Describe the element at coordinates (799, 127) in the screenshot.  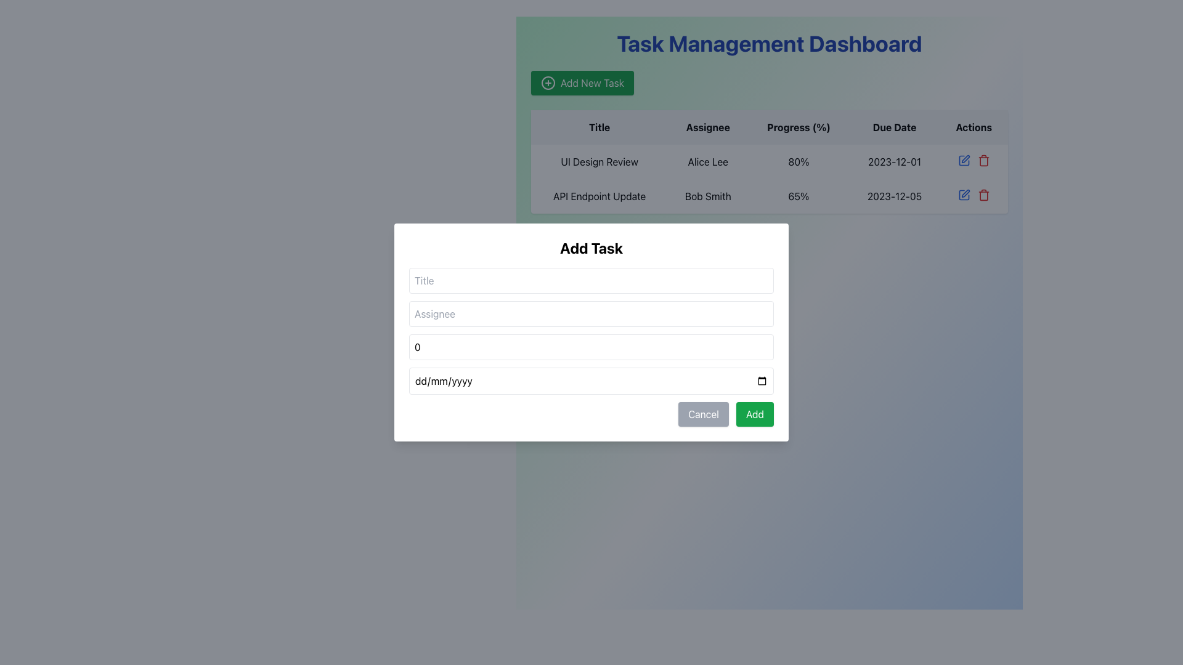
I see `the Text Label in the third column header indicating the percentage progress of tasks, located between 'Assignee' and 'Due Date'` at that location.